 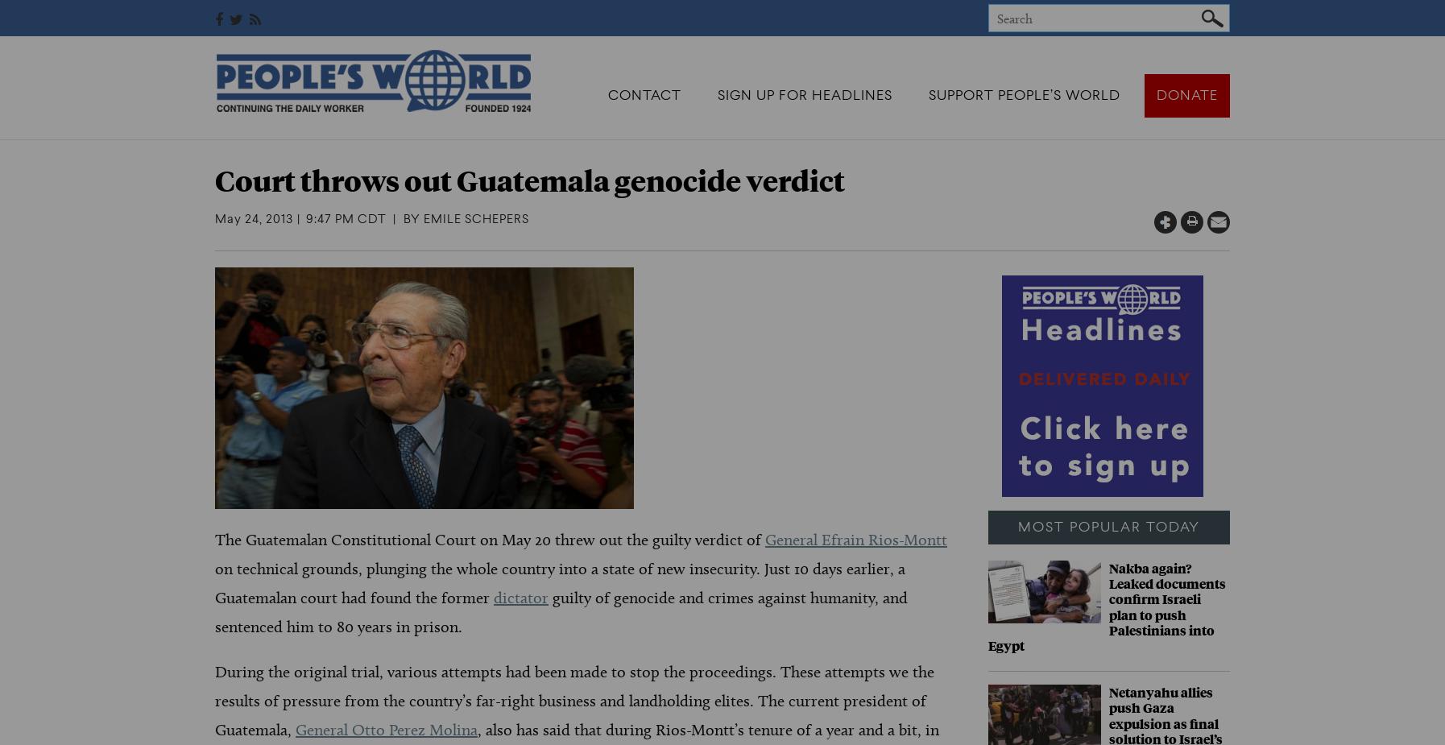 I want to click on 'General Efrain Rios-Montt', so click(x=855, y=539).